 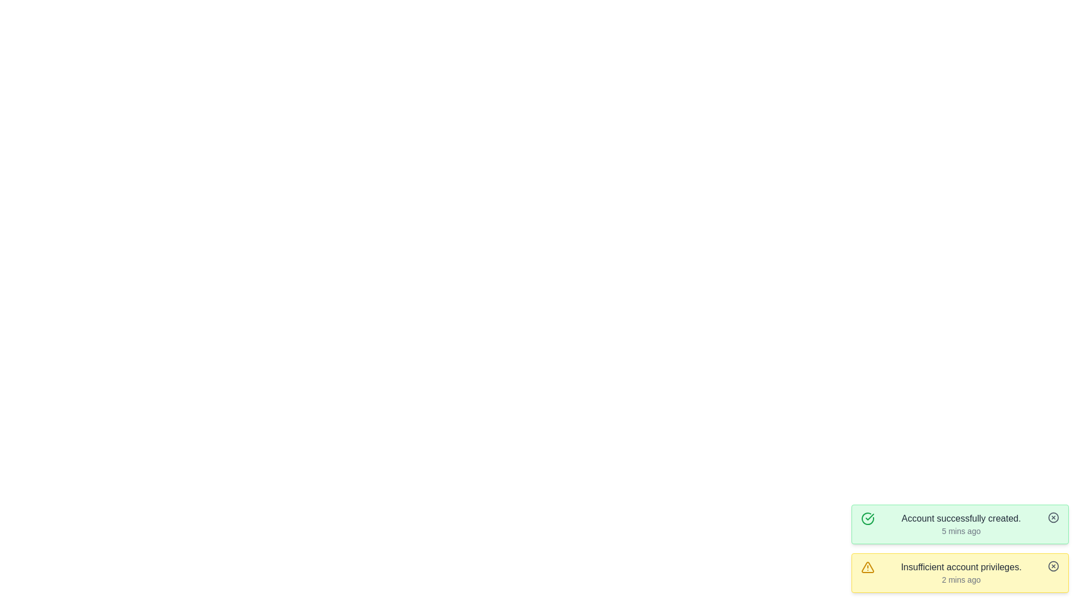 What do you see at coordinates (1053, 566) in the screenshot?
I see `the circular 'X' icon with a radius of 10 pixels, which is part of the second notification, located centrally within a 24x24 pixel icon adjacent to the notification panel` at bounding box center [1053, 566].